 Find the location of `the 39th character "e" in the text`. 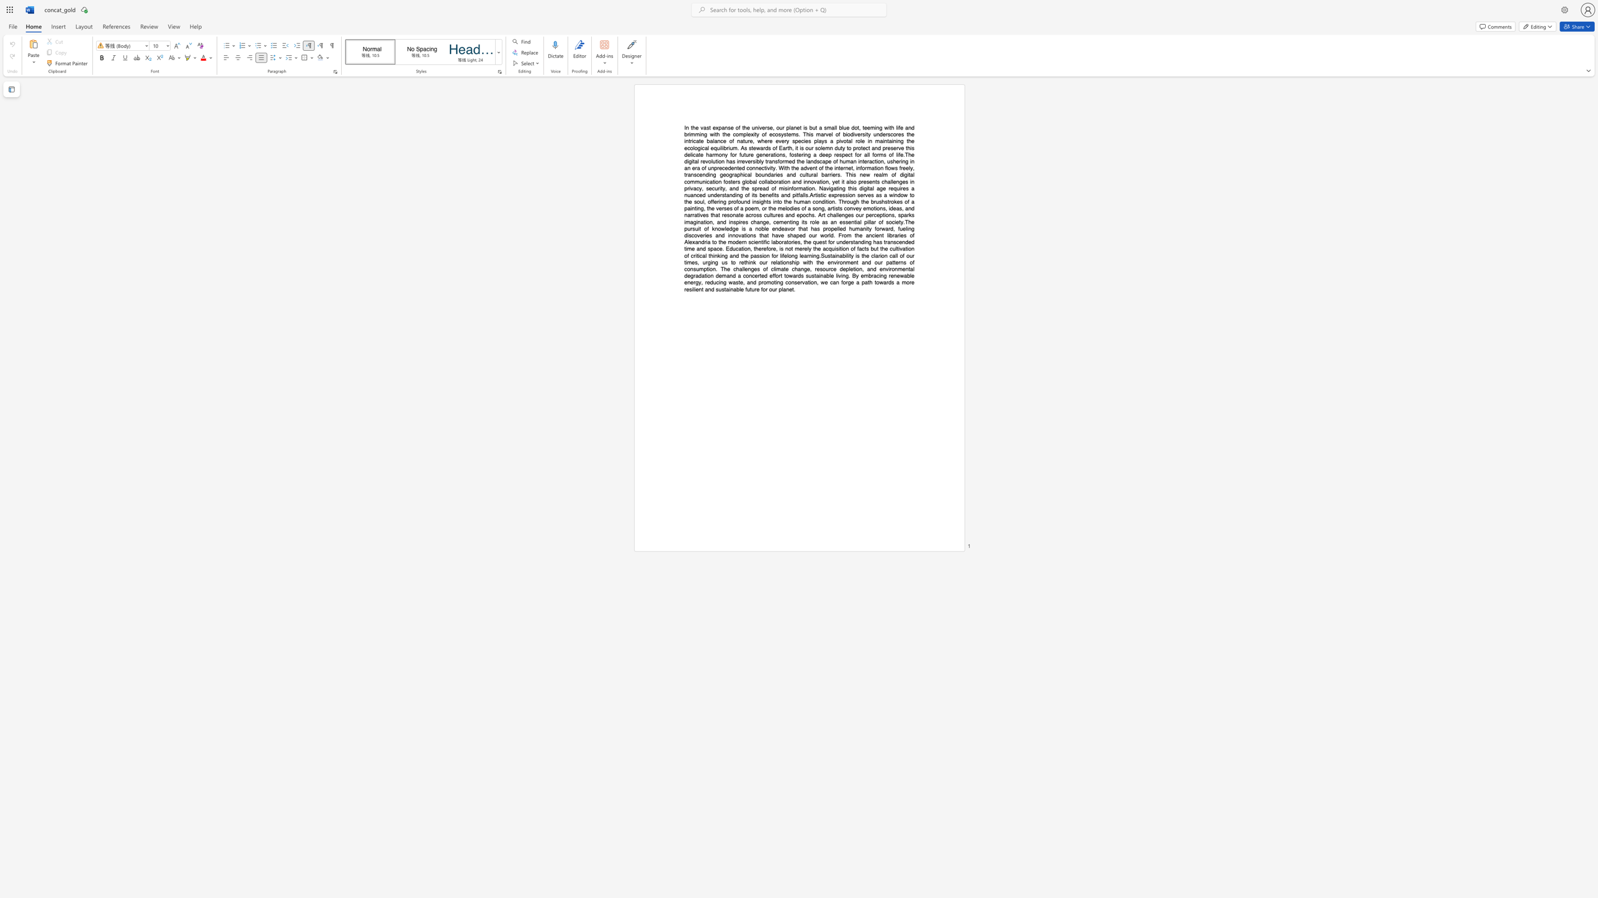

the 39th character "e" in the text is located at coordinates (902, 147).